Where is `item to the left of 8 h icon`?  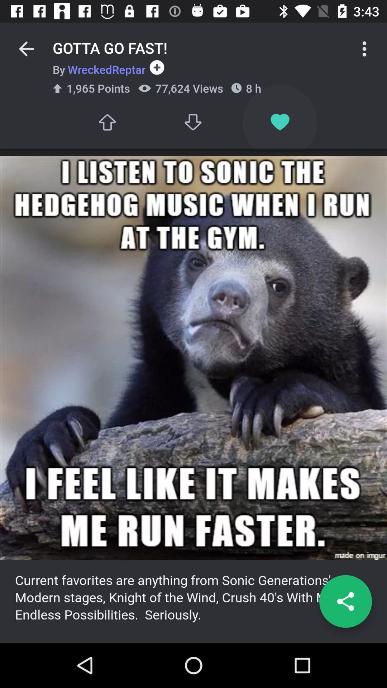
item to the left of 8 h icon is located at coordinates (193, 122).